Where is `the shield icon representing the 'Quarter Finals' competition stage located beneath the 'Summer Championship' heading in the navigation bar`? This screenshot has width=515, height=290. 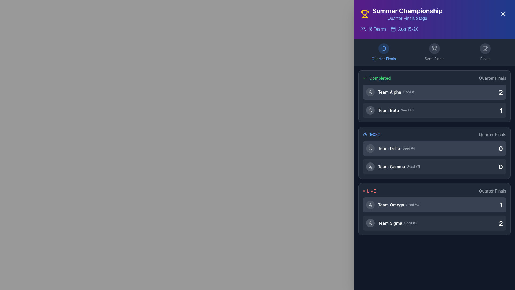
the shield icon representing the 'Quarter Finals' competition stage located beneath the 'Summer Championship' heading in the navigation bar is located at coordinates (383, 49).